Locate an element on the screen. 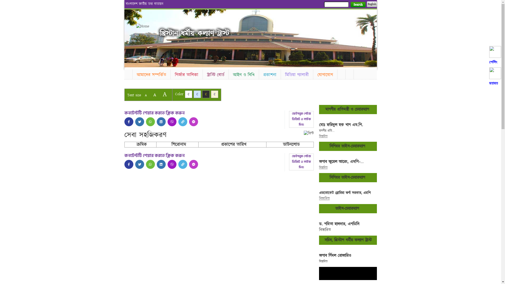  'C' is located at coordinates (197, 94).